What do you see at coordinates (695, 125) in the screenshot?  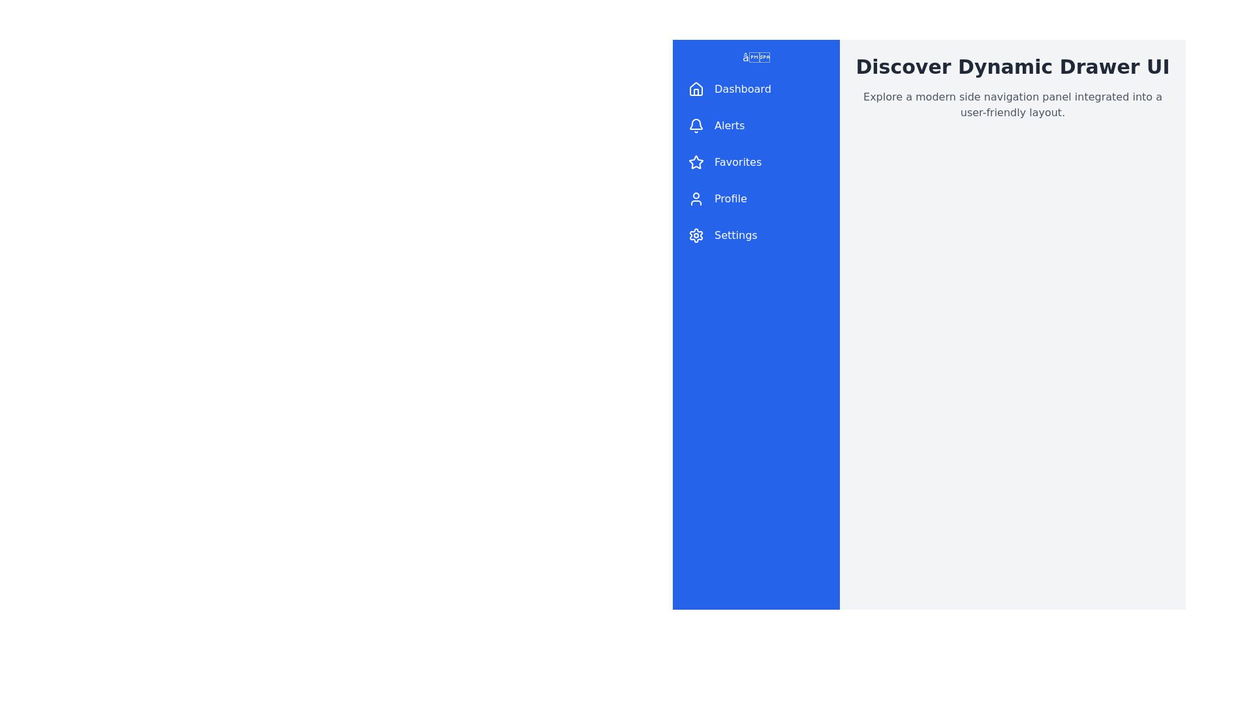 I see `the bell icon located in the left-side navigation bar, which is the second icon and labeled 'Alerts'` at bounding box center [695, 125].